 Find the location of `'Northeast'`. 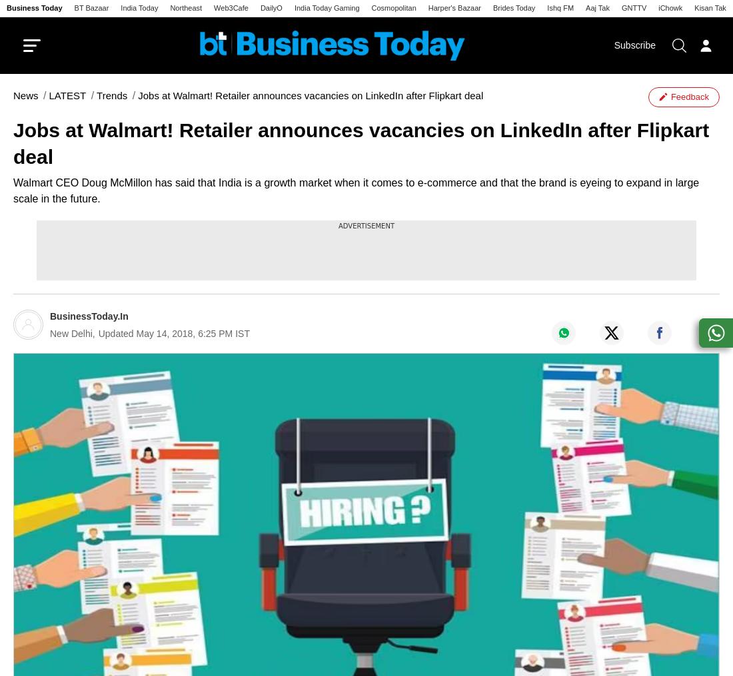

'Northeast' is located at coordinates (185, 7).